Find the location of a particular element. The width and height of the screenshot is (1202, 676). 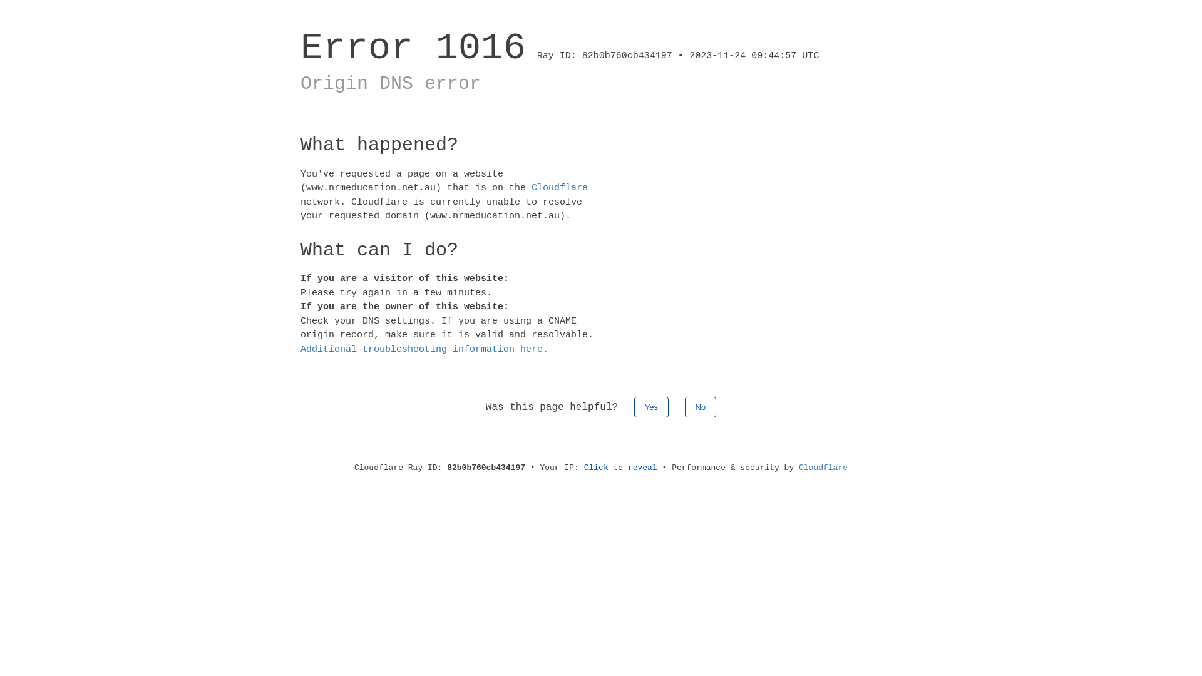

'Click to reveal' is located at coordinates (620, 468).